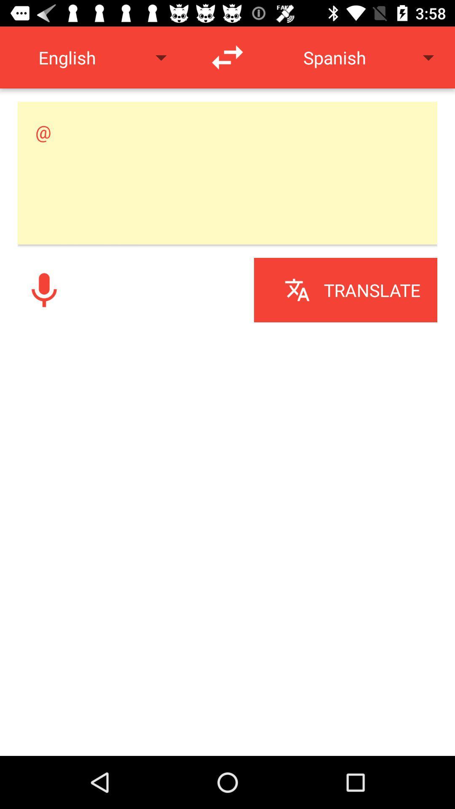 Image resolution: width=455 pixels, height=809 pixels. I want to click on record audio, so click(44, 290).